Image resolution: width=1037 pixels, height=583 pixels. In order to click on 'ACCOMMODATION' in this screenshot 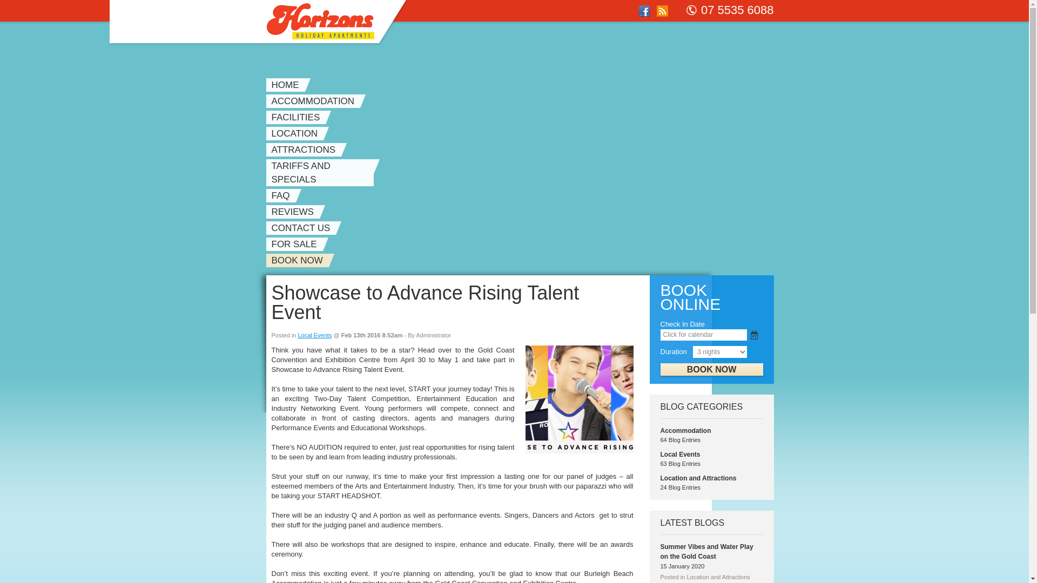, I will do `click(315, 101)`.